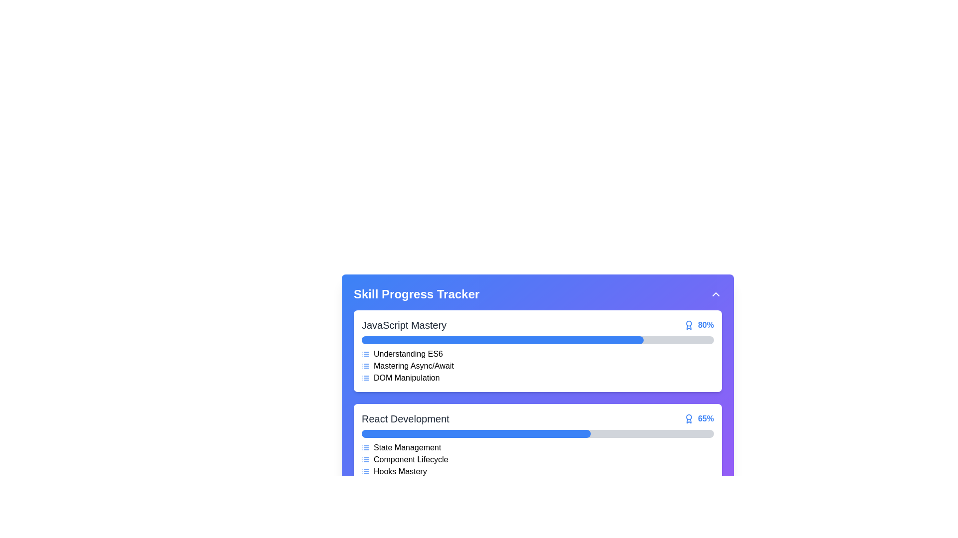  I want to click on the button located in the top-right corner of the header section containing 'Skill Progress Tracker', so click(716, 293).